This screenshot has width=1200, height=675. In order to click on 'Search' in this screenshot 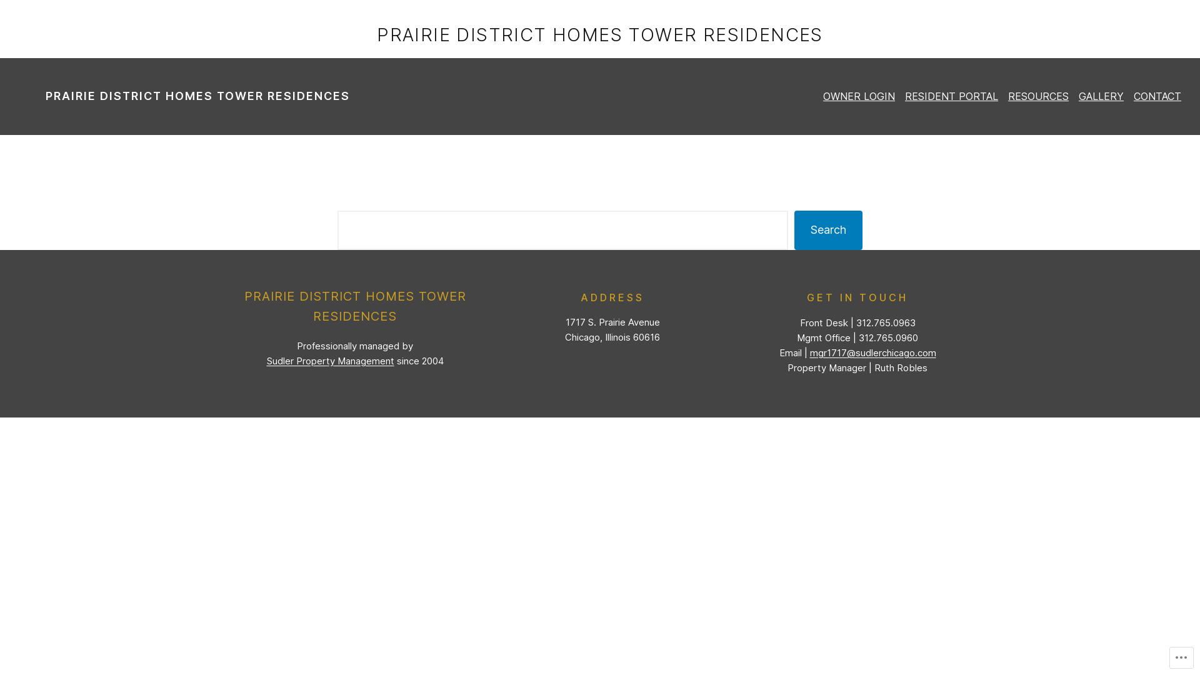, I will do `click(828, 230)`.